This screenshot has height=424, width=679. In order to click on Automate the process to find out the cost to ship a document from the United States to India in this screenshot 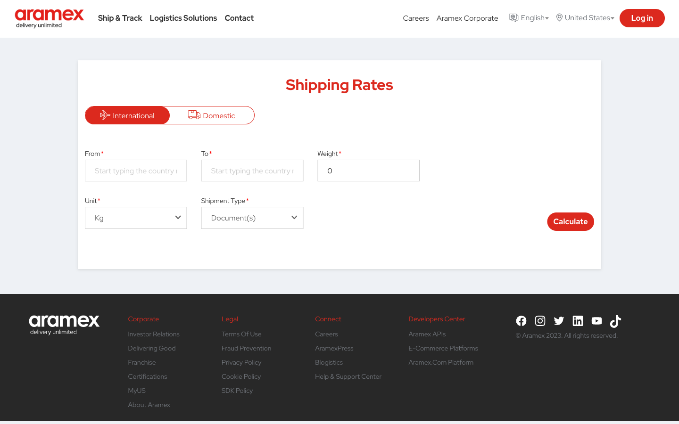, I will do `click(135, 170)`.